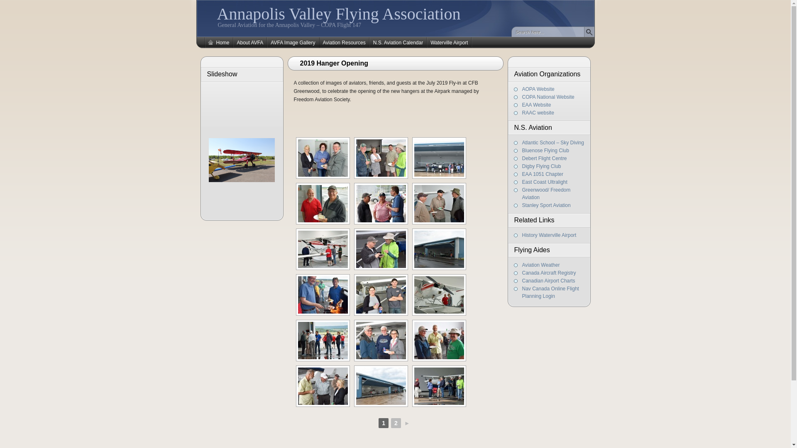  I want to click on 'Waterville Airport', so click(448, 43).